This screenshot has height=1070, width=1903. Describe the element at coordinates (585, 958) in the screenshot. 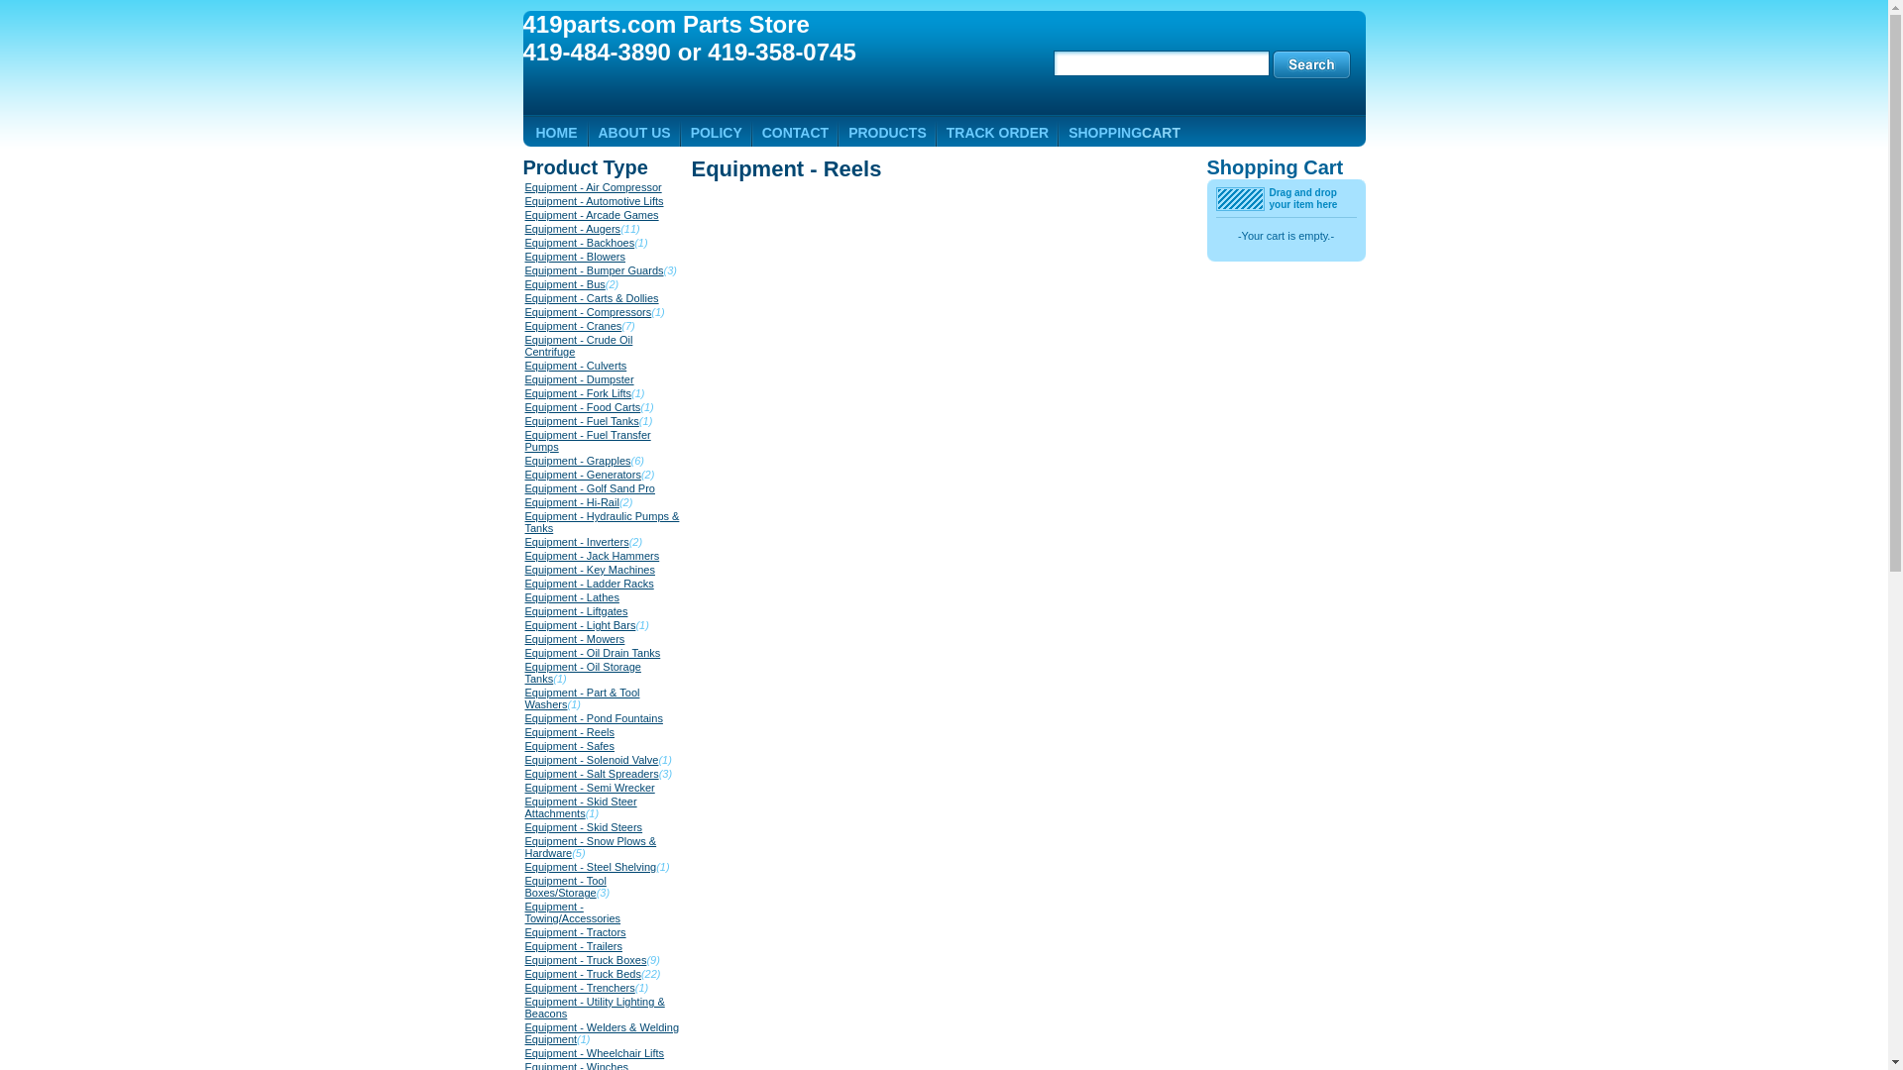

I see `'Equipment - Truck Boxes'` at that location.